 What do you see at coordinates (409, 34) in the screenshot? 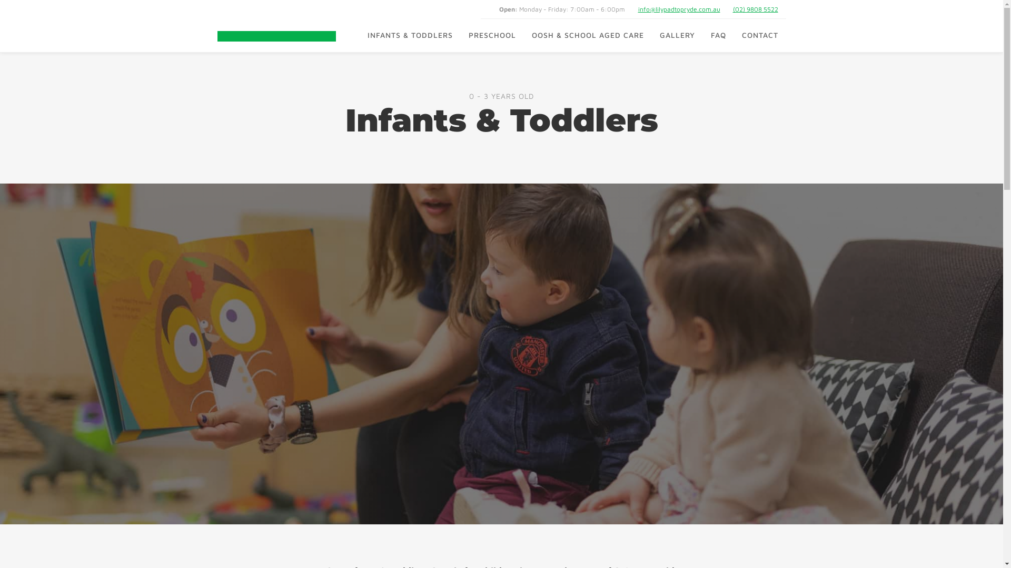
I see `'INFANTS & TODDLERS'` at bounding box center [409, 34].